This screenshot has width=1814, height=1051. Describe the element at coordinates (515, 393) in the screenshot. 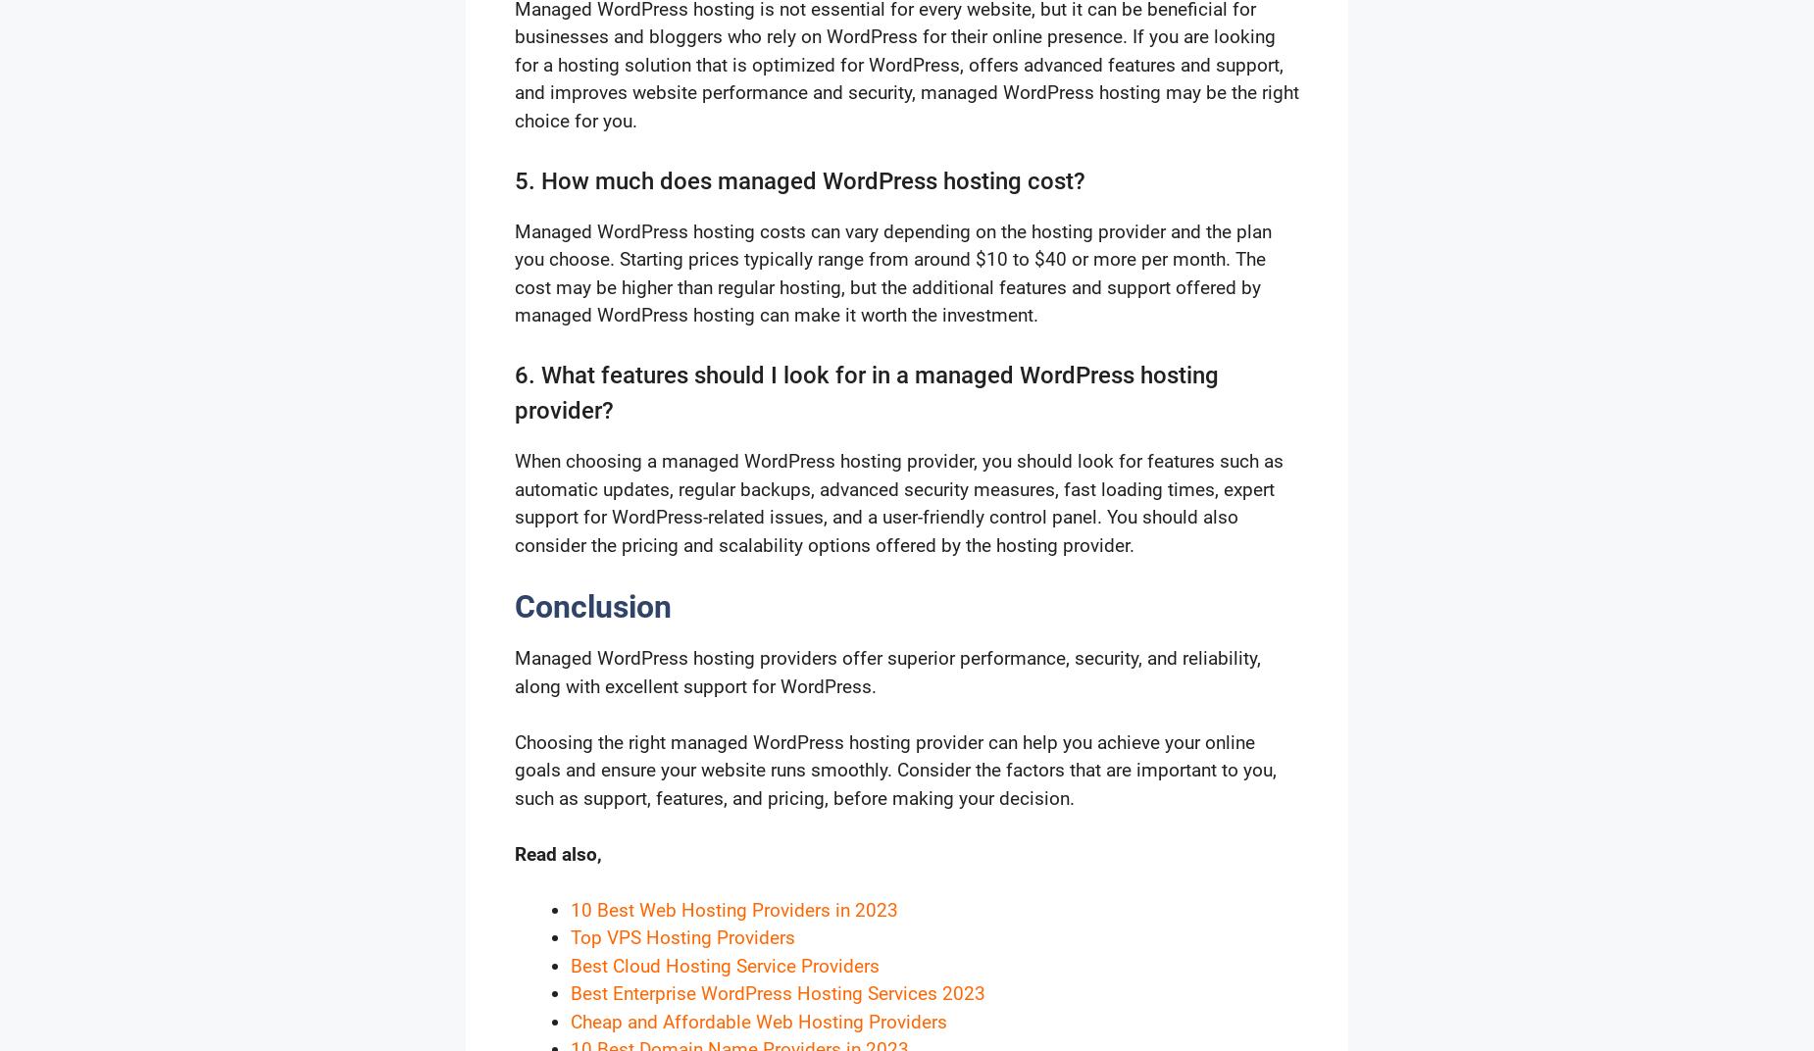

I see `'6. What features should I look for in a managed WordPress hosting provider?'` at that location.